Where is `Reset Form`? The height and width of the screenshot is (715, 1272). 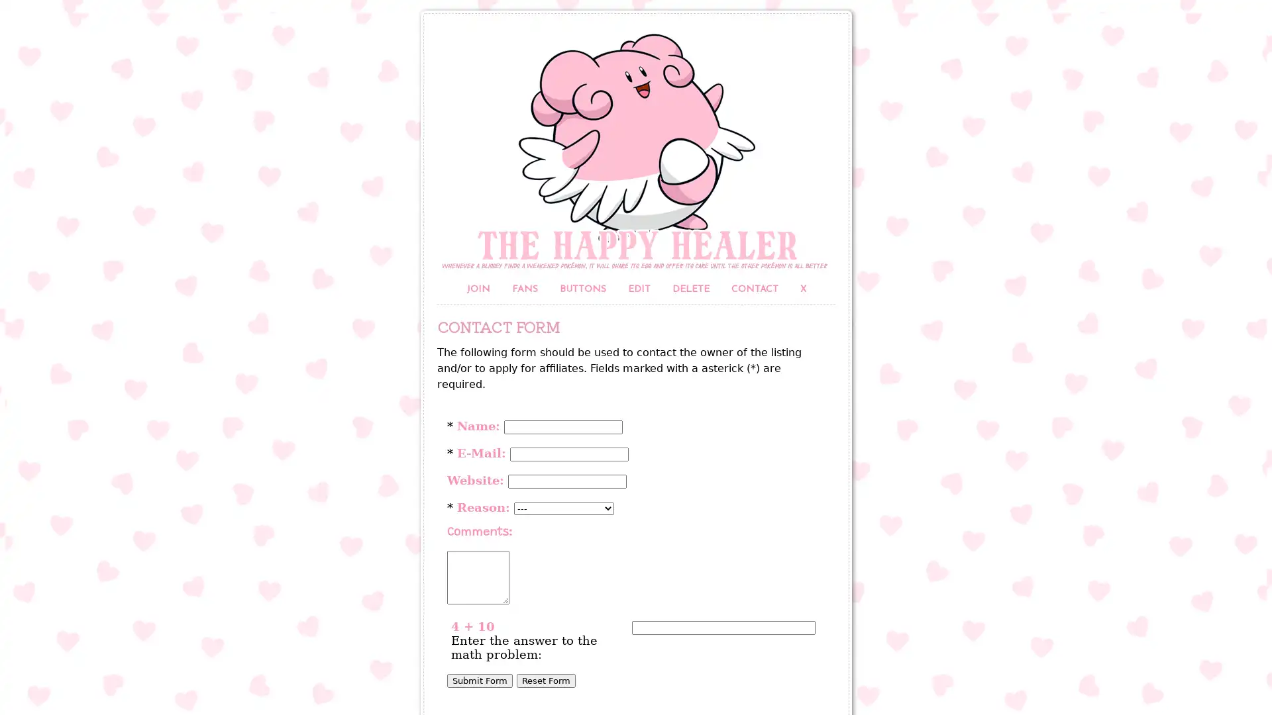 Reset Form is located at coordinates (546, 681).